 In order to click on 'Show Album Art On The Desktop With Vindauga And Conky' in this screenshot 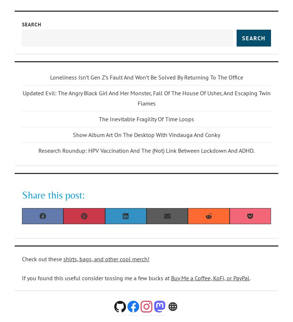, I will do `click(146, 134)`.